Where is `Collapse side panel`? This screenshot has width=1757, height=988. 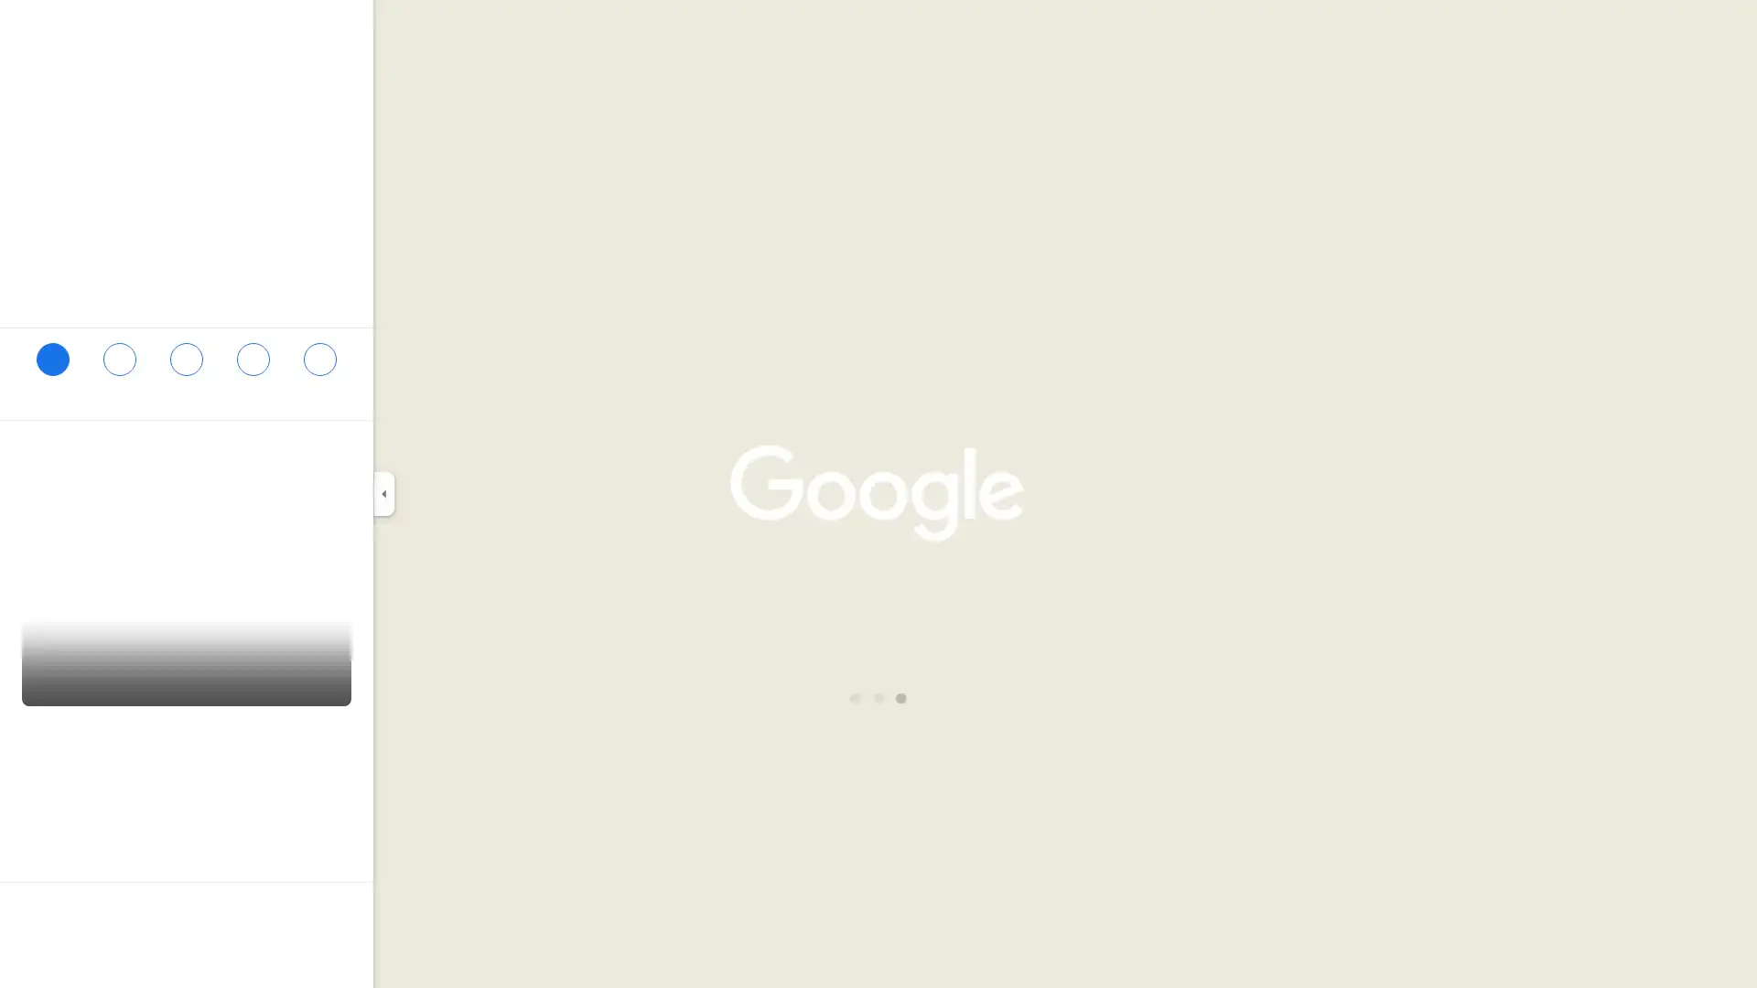 Collapse side panel is located at coordinates (383, 494).